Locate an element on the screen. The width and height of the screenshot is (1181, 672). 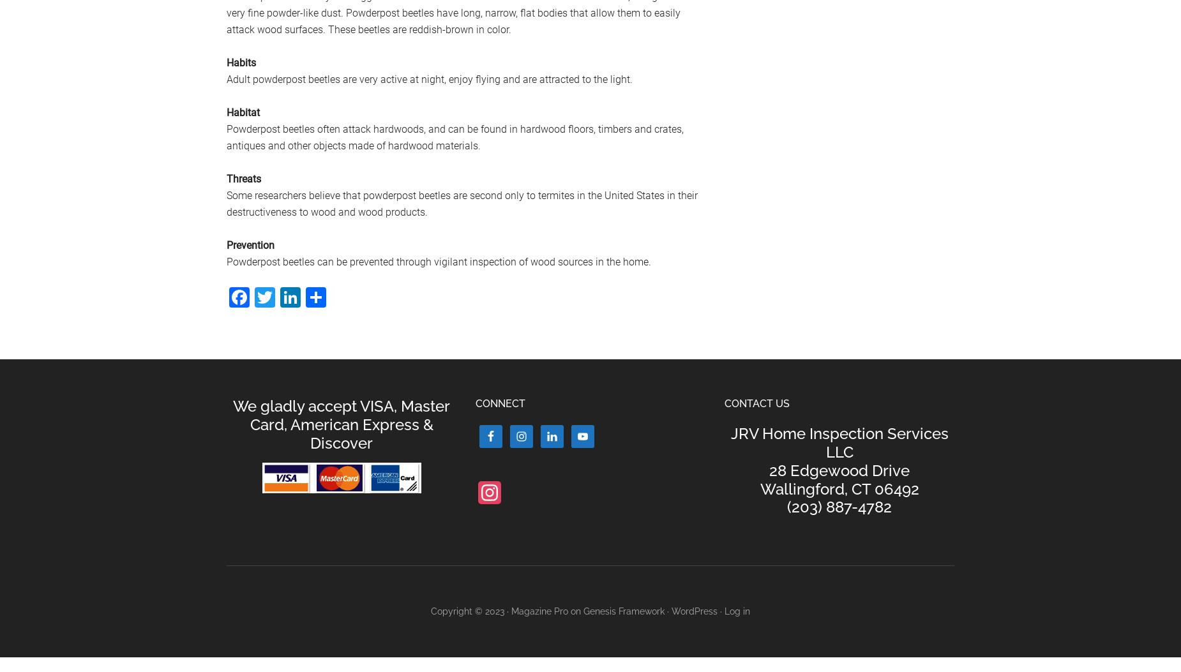
'Magazine Pro' is located at coordinates (539, 611).